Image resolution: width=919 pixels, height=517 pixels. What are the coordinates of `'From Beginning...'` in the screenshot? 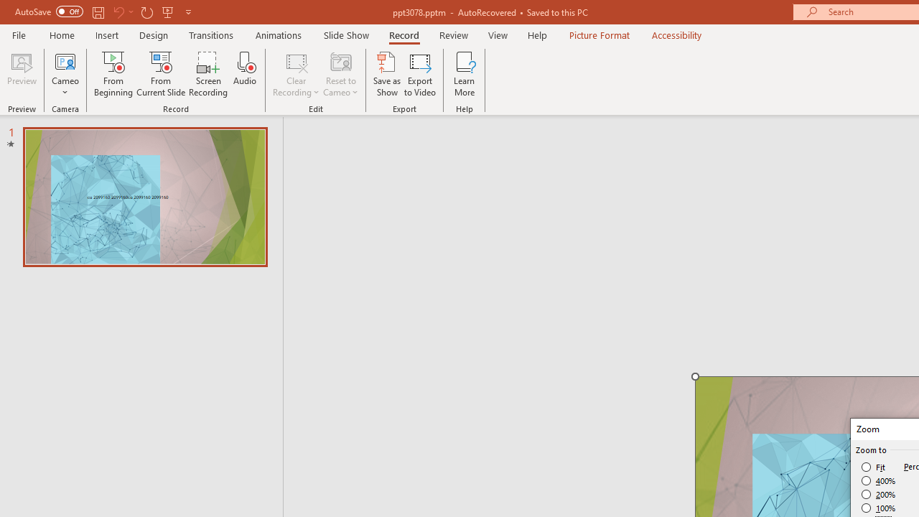 It's located at (113, 74).